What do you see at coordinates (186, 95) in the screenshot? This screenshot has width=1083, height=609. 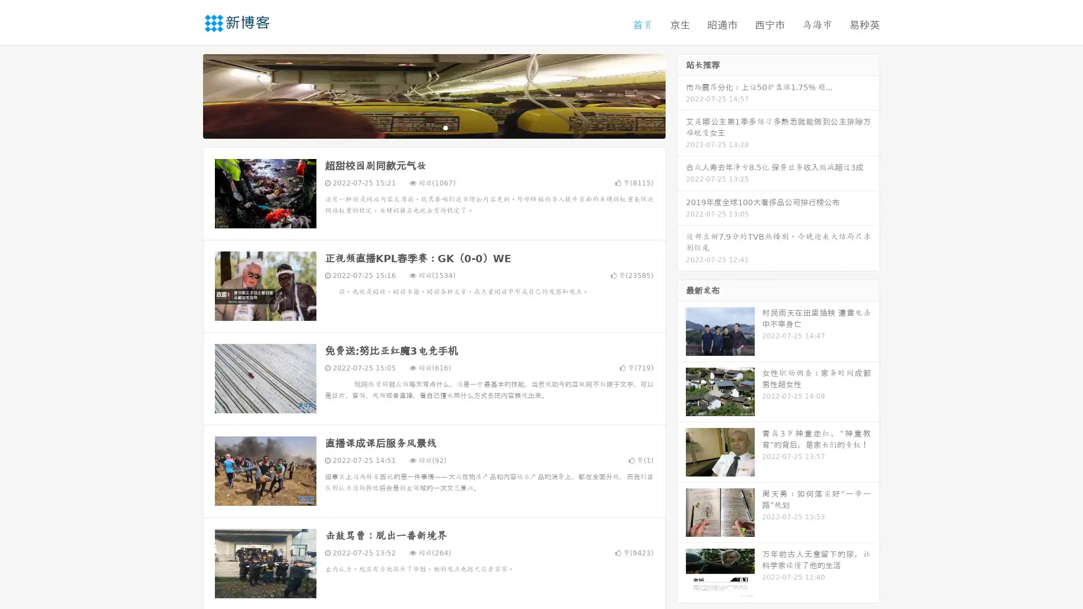 I see `Previous slide` at bounding box center [186, 95].